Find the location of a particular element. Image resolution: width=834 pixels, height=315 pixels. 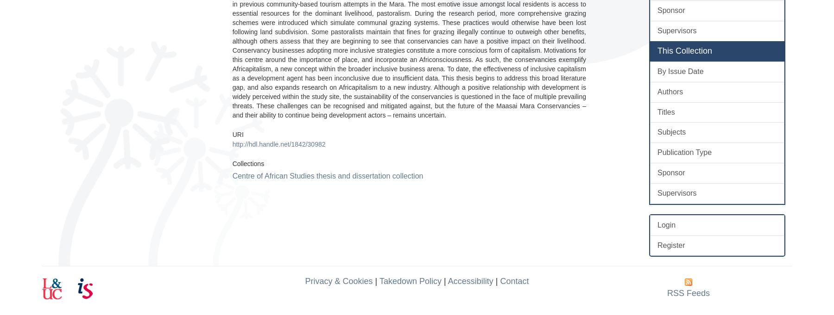

'URI' is located at coordinates (237, 134).